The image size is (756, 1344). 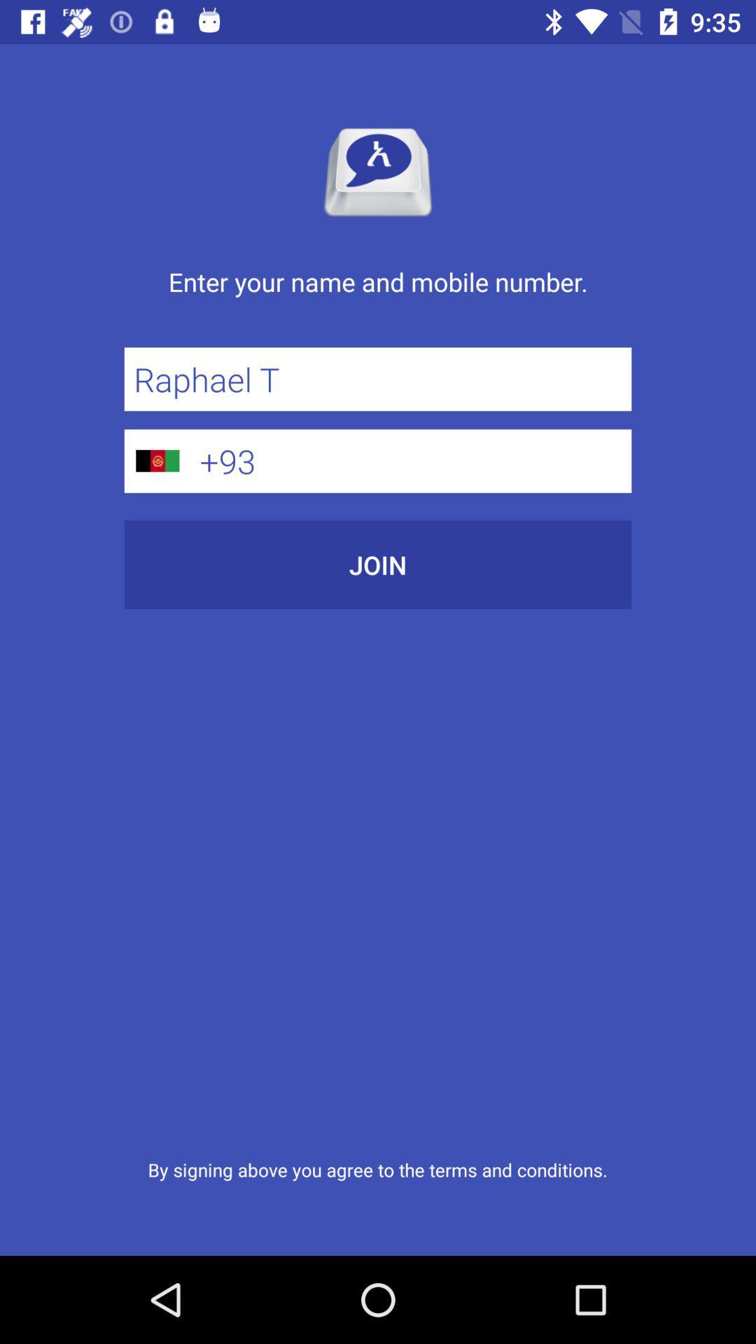 What do you see at coordinates (410, 461) in the screenshot?
I see `icon below the raphael t icon` at bounding box center [410, 461].